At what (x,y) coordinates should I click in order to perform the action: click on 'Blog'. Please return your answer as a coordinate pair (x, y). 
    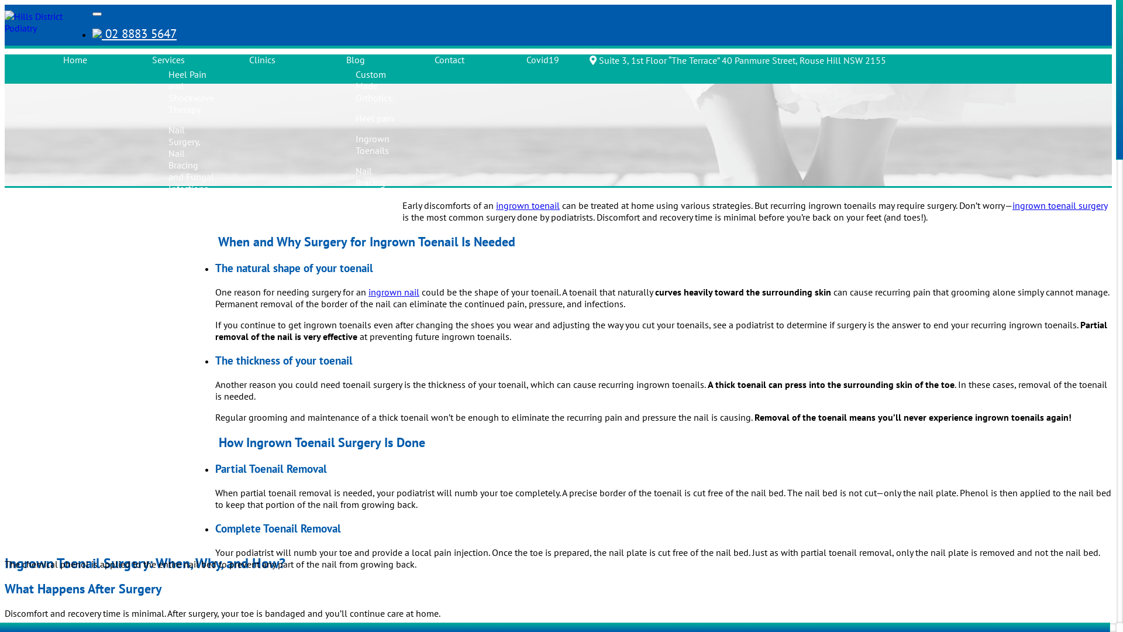
    Looking at the image, I should click on (345, 59).